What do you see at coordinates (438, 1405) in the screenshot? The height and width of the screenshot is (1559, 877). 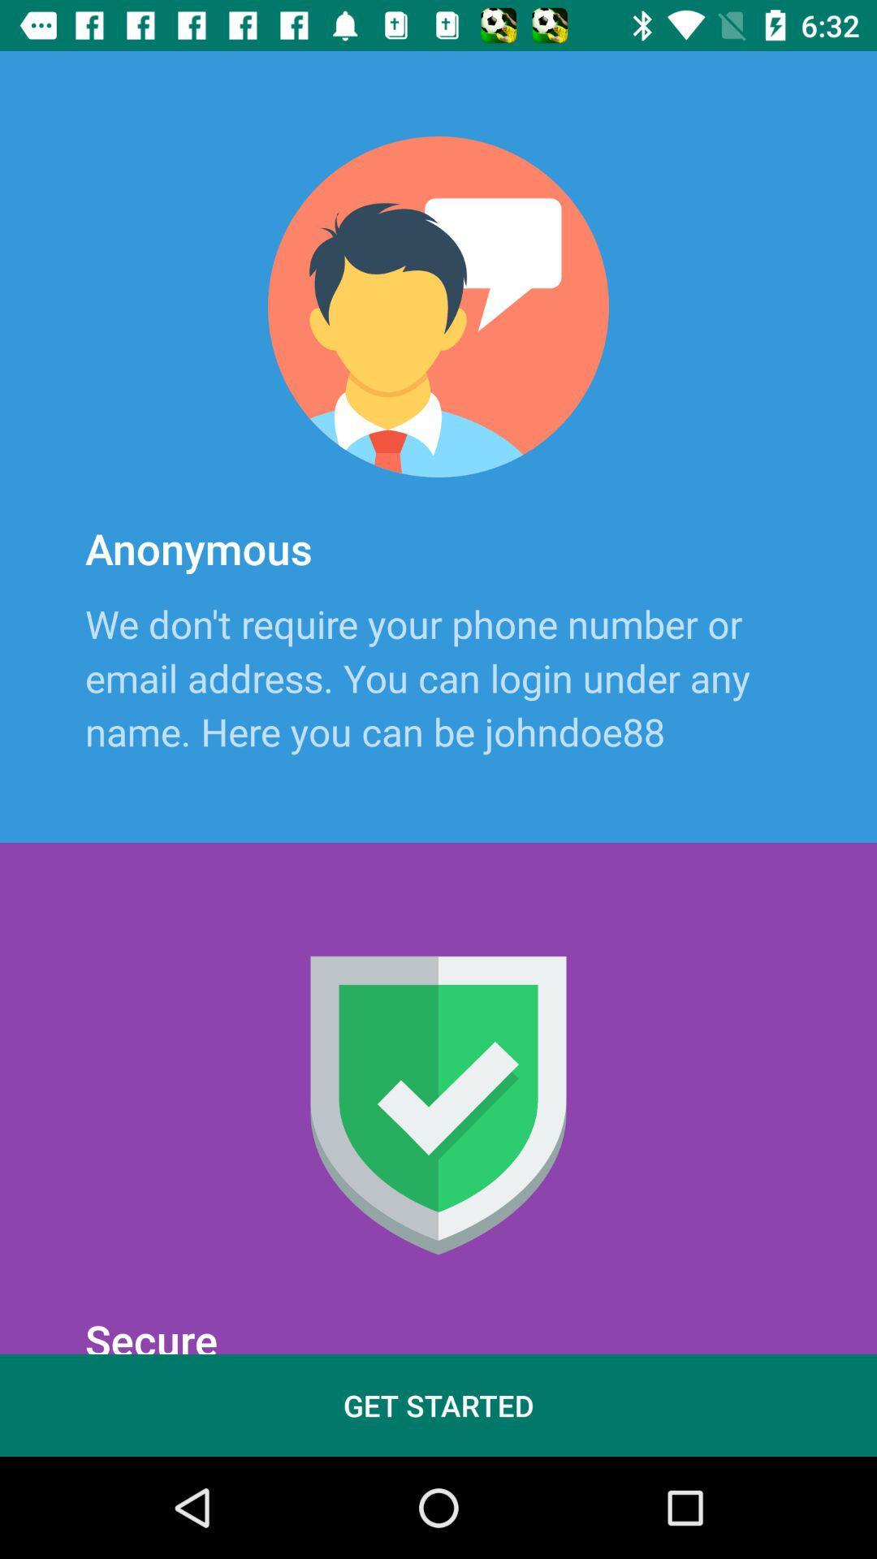 I see `get started` at bounding box center [438, 1405].